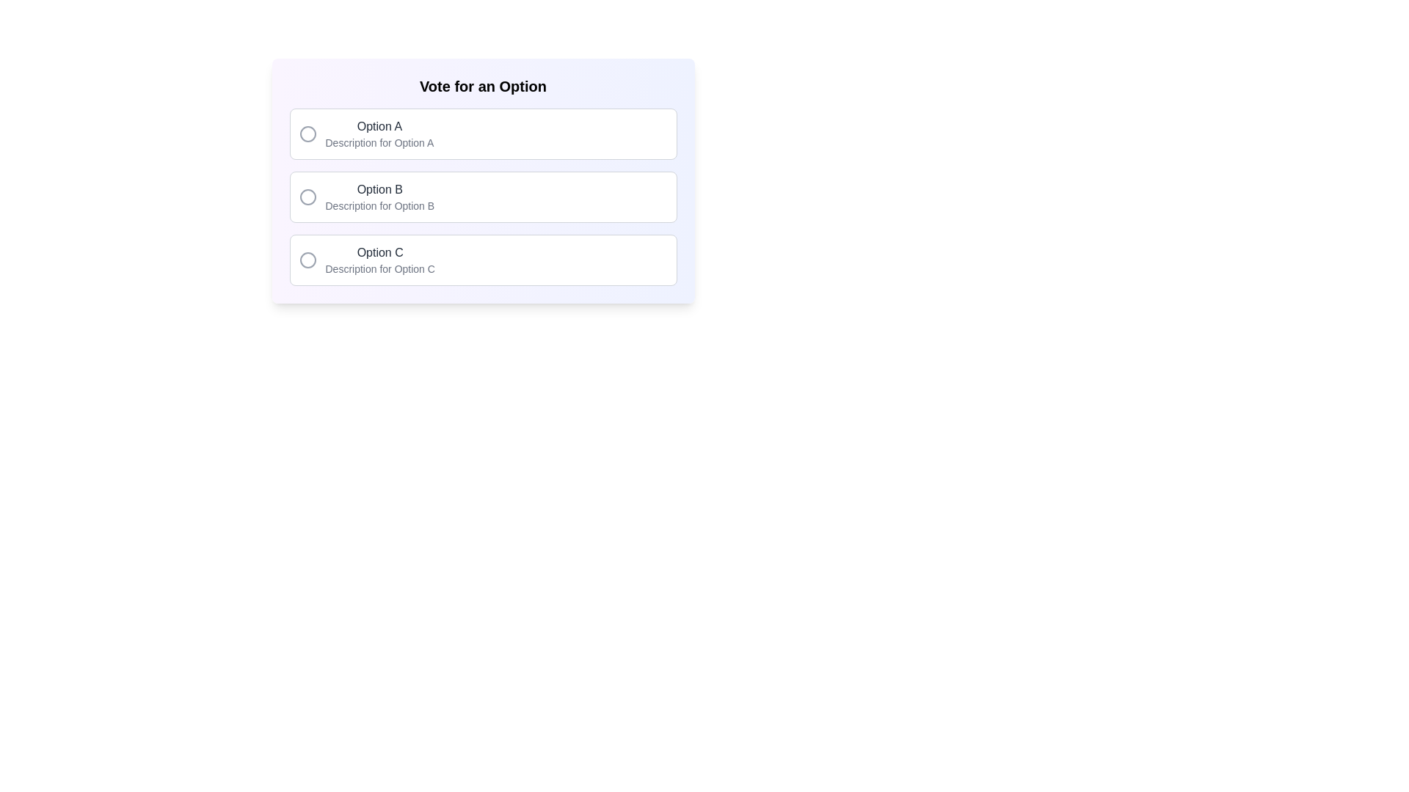  What do you see at coordinates (483, 197) in the screenshot?
I see `the second option in the 'Vote for an Option' group for keyboard interaction` at bounding box center [483, 197].